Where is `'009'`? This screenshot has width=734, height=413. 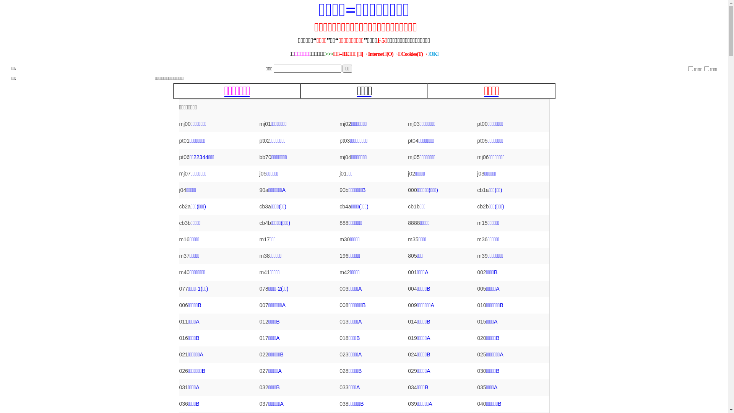 '009' is located at coordinates (407, 305).